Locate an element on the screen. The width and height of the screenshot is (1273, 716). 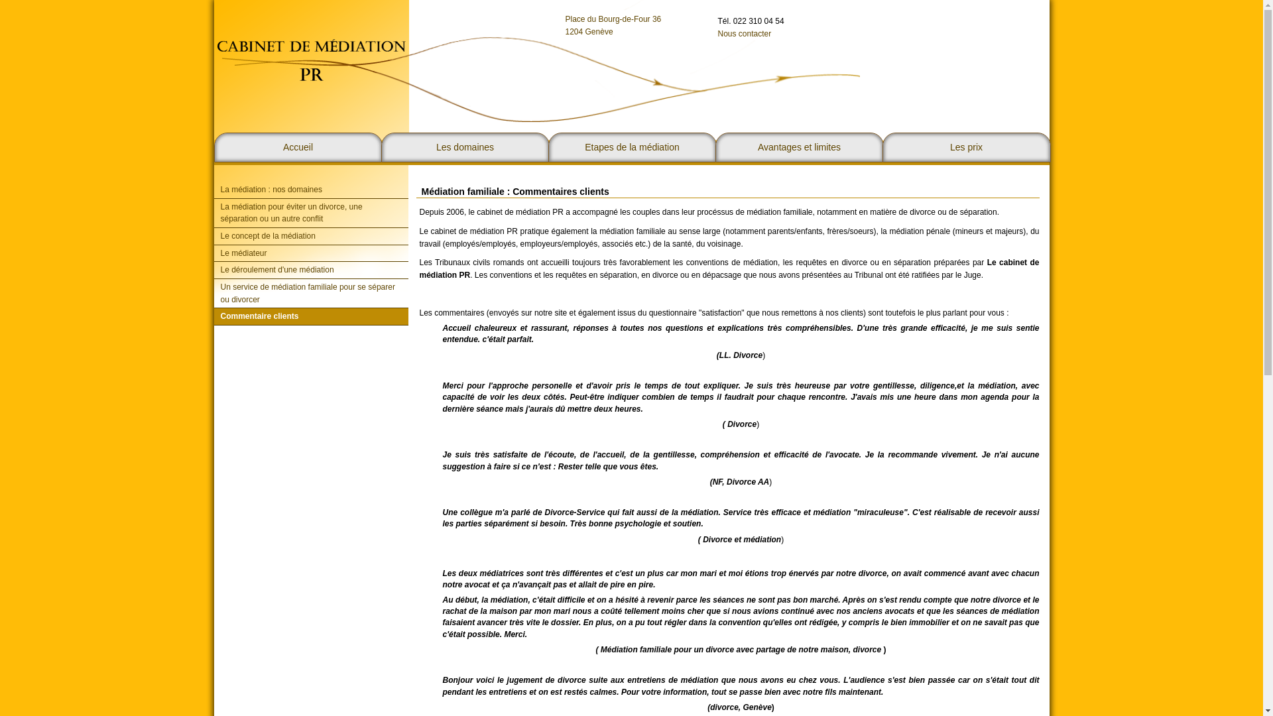
'Accueil' is located at coordinates (297, 147).